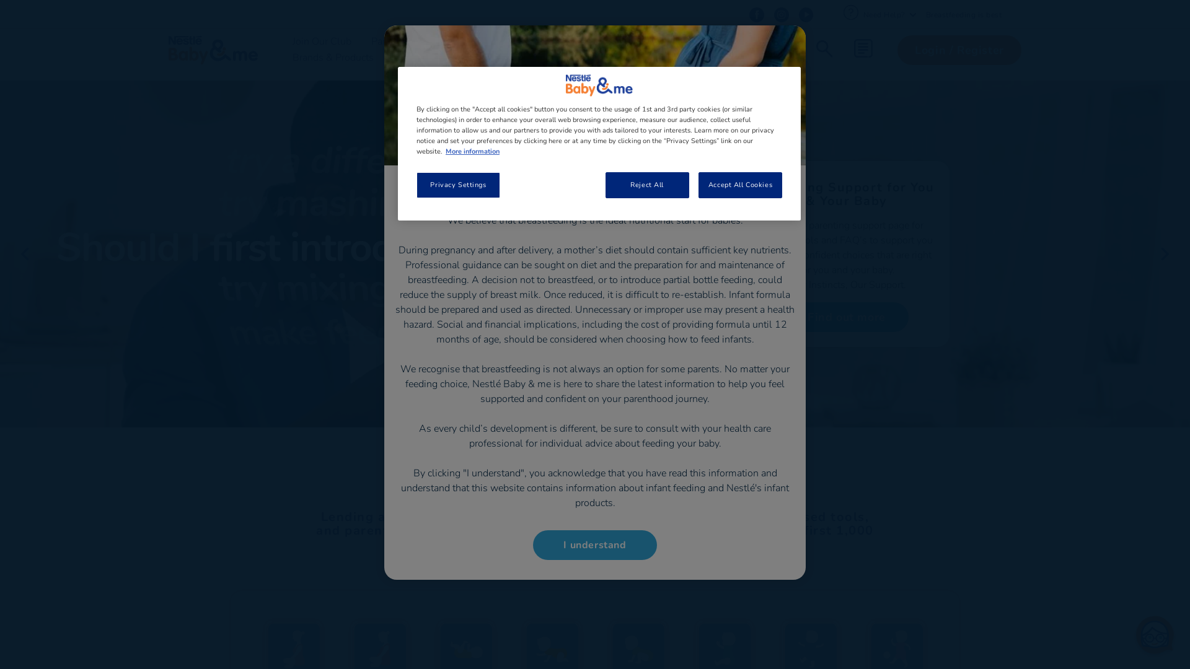 The image size is (1190, 669). Describe the element at coordinates (963, 14) in the screenshot. I see `'Breastfeeding is best'` at that location.